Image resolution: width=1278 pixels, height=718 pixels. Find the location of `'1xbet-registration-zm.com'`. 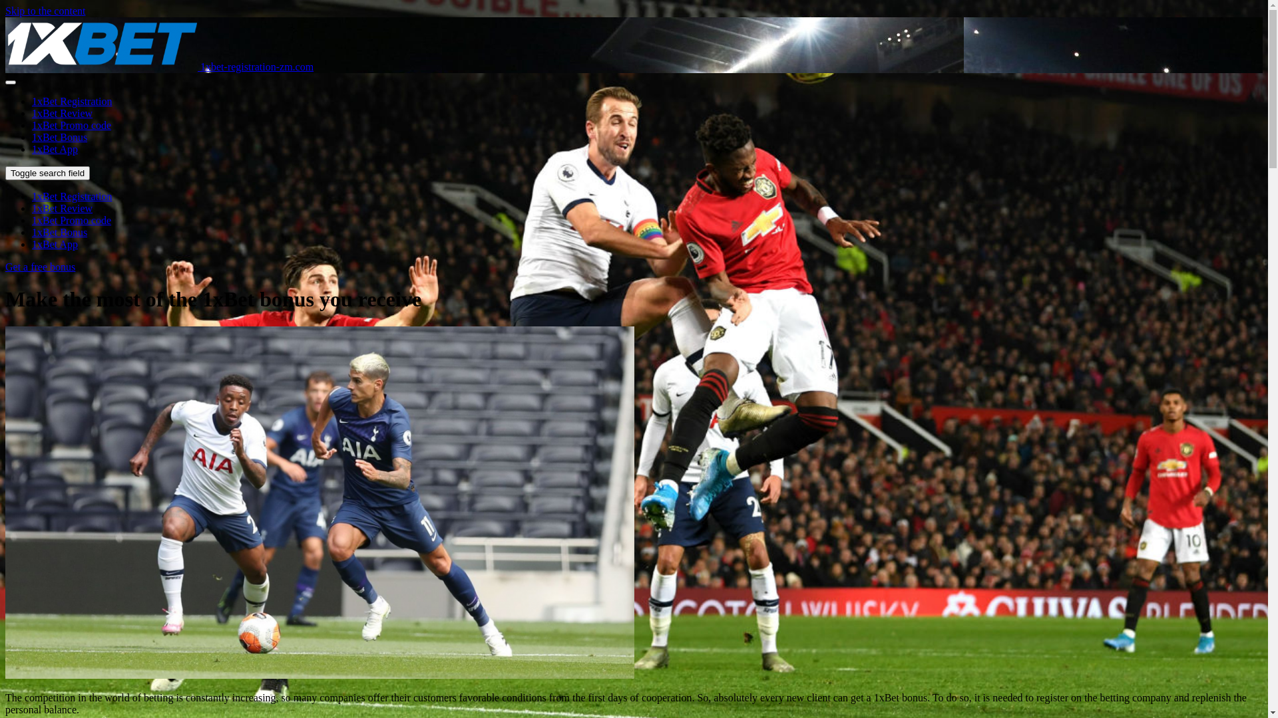

'1xbet-registration-zm.com' is located at coordinates (5, 66).